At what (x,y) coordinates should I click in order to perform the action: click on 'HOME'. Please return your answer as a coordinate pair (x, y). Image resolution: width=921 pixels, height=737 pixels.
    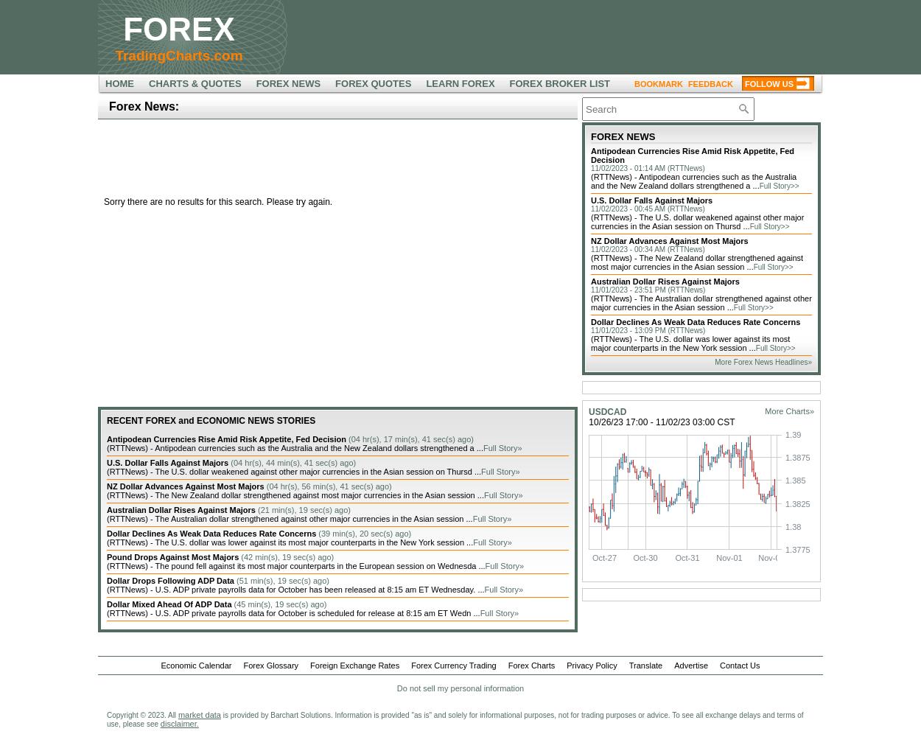
    Looking at the image, I should click on (119, 83).